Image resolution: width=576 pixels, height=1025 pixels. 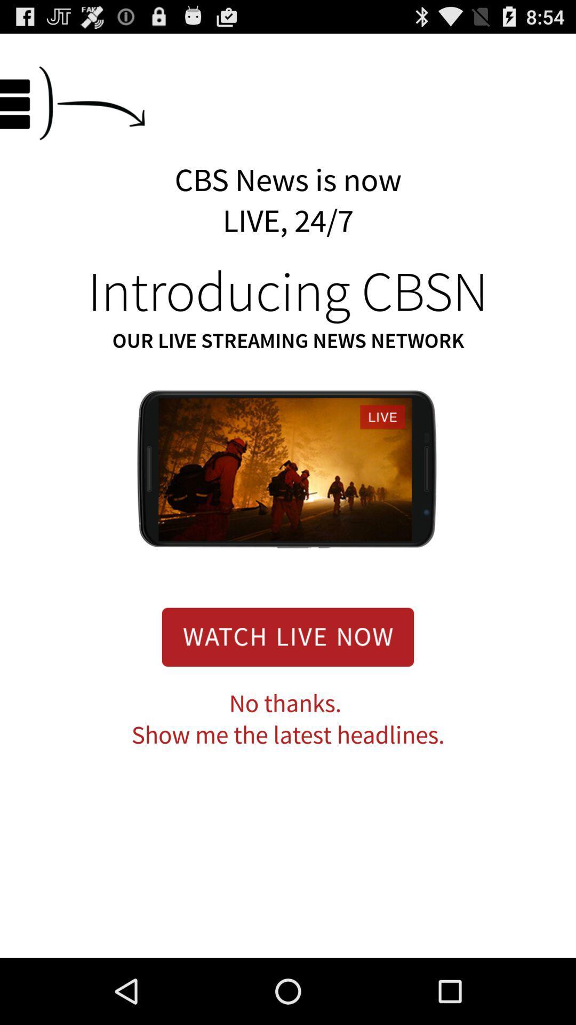 What do you see at coordinates (288, 637) in the screenshot?
I see `watch video` at bounding box center [288, 637].